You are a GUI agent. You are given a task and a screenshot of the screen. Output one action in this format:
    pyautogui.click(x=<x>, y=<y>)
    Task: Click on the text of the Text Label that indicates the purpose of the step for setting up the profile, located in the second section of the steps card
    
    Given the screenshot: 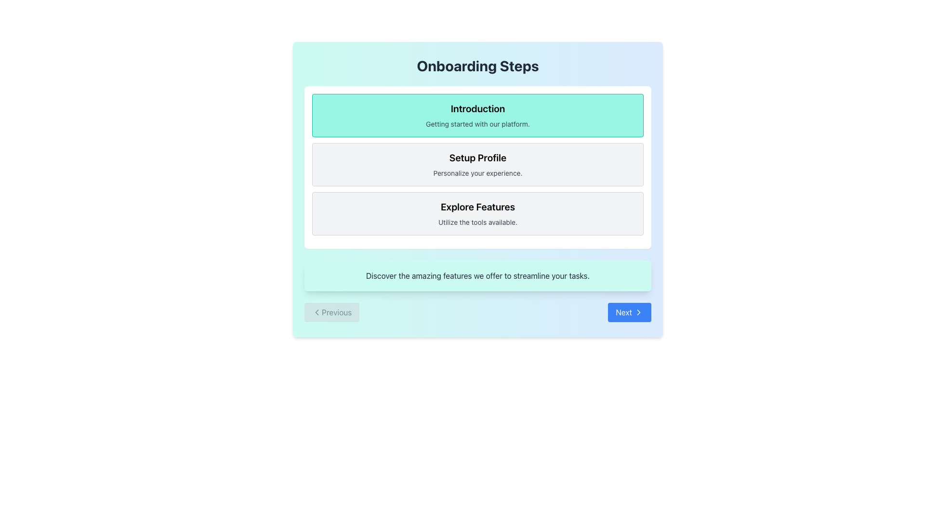 What is the action you would take?
    pyautogui.click(x=478, y=157)
    